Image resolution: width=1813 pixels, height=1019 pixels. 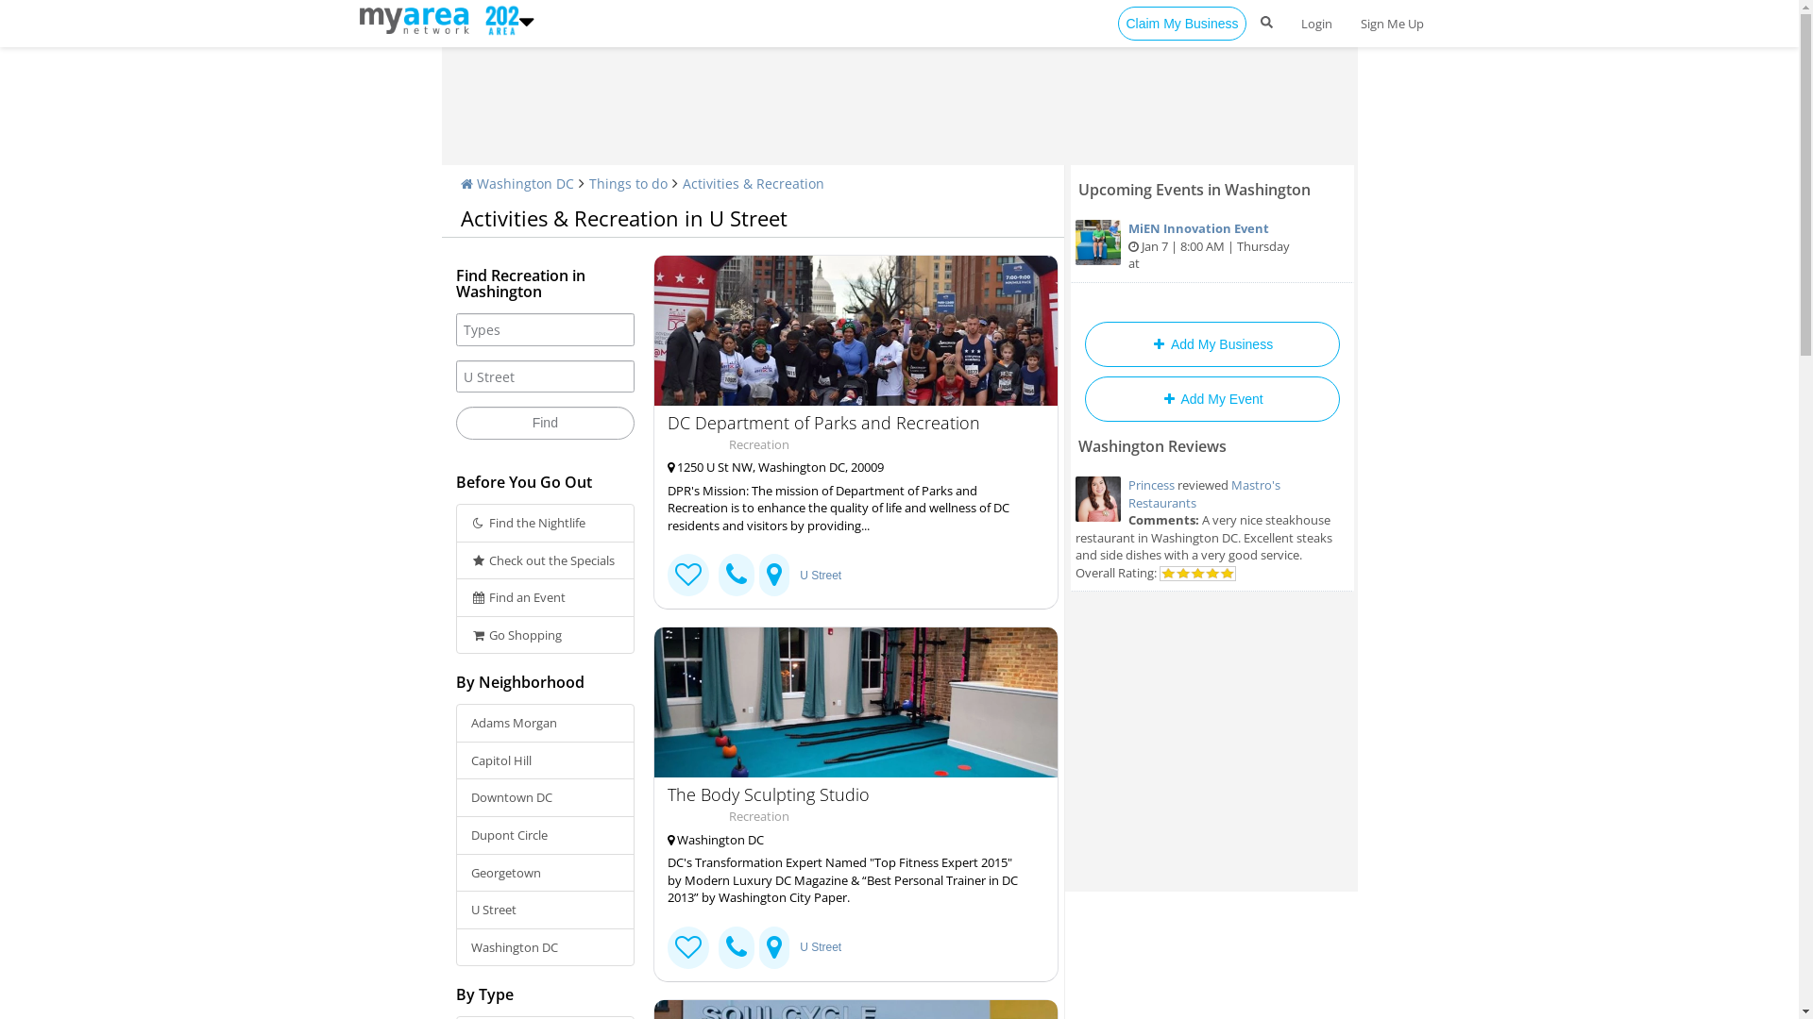 I want to click on 'Find the Nightlife', so click(x=454, y=523).